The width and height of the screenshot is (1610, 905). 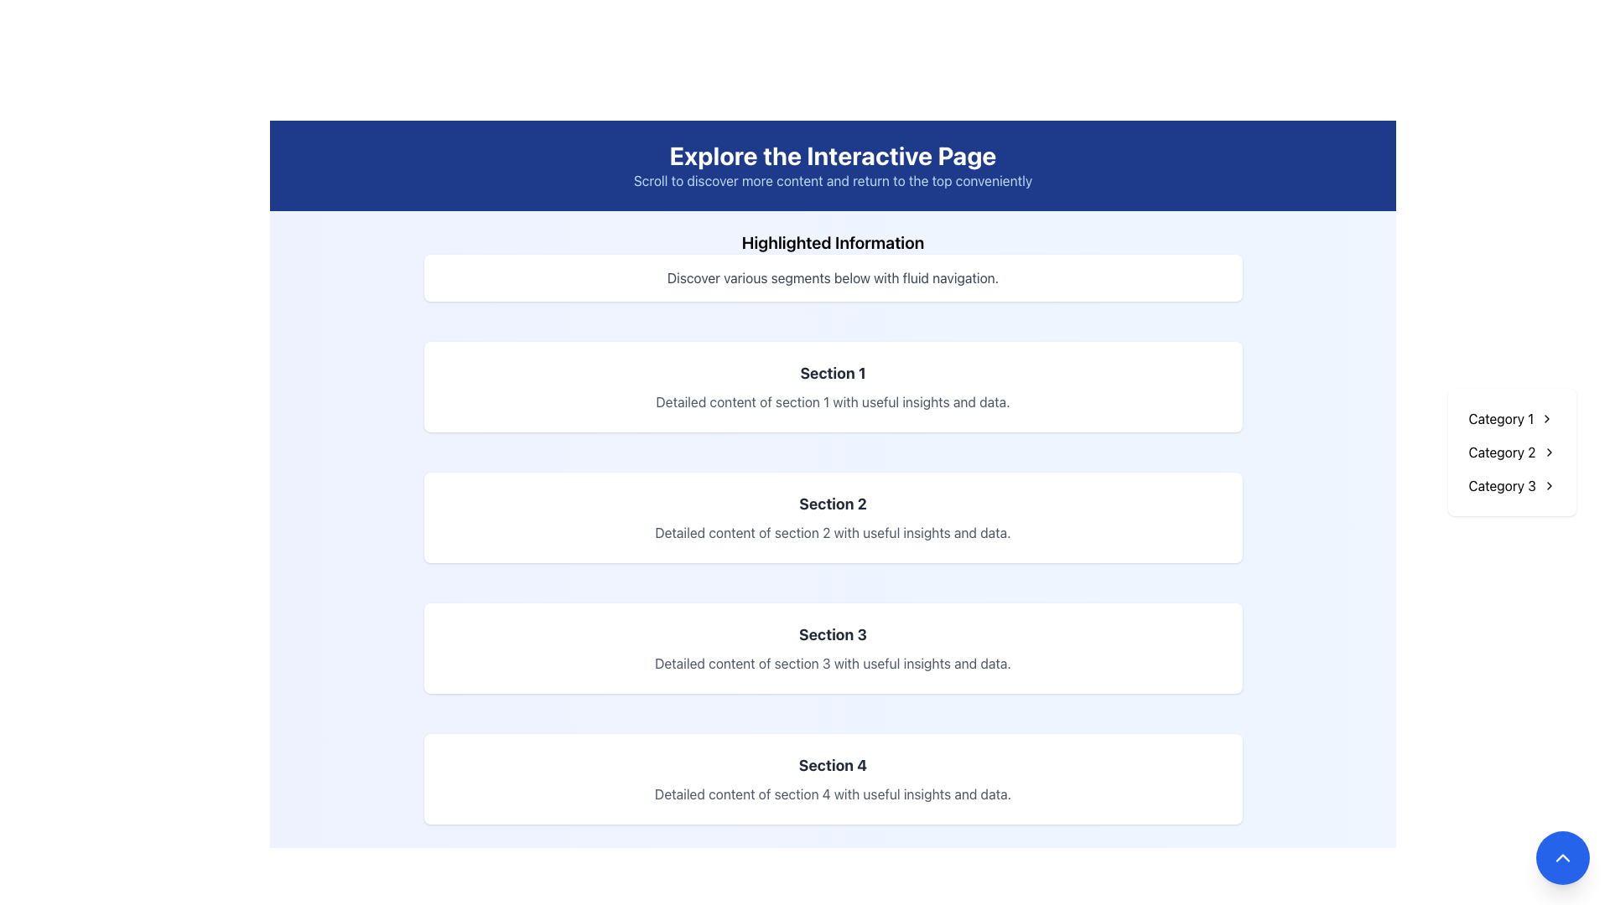 I want to click on the 'Category 2' navigation option to switch to the associated content section, so click(x=1502, y=452).